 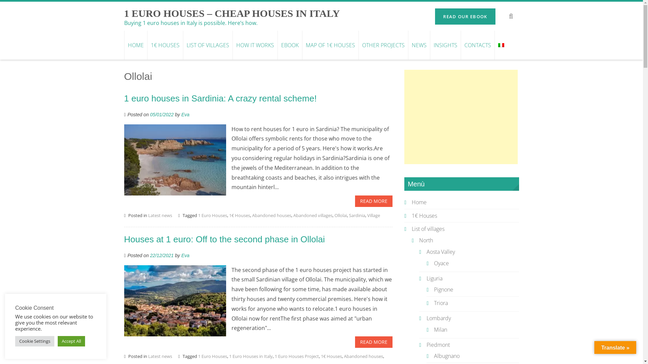 I want to click on 'HOME', so click(x=124, y=45).